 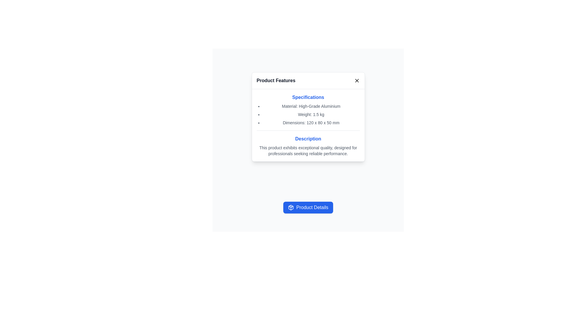 What do you see at coordinates (276, 80) in the screenshot?
I see `text content of the 'Product Features' label located in the header section of the modal window` at bounding box center [276, 80].